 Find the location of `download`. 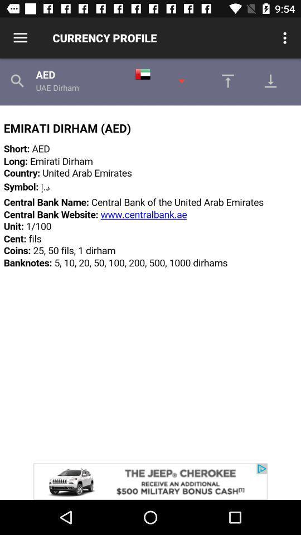

download is located at coordinates (225, 80).